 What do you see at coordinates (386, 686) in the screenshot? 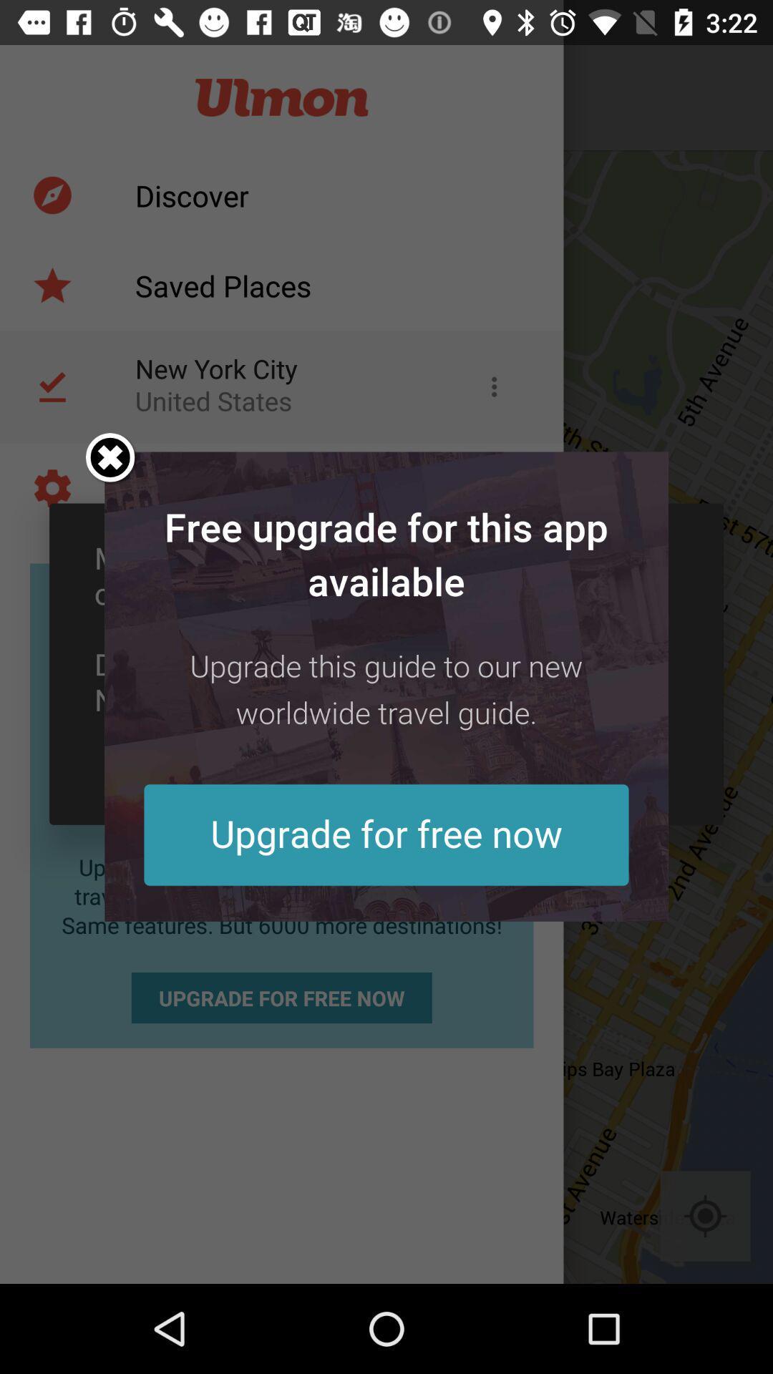
I see `upgrade advertisement` at bounding box center [386, 686].